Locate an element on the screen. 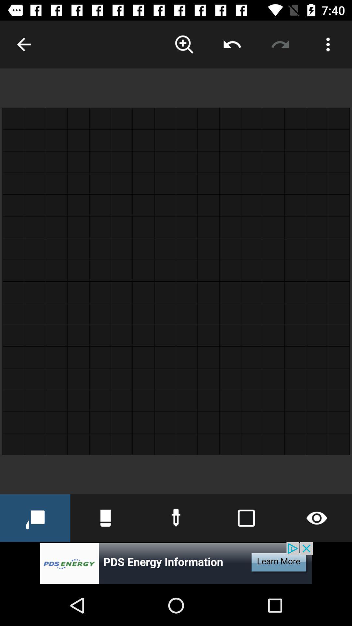 The width and height of the screenshot is (352, 626). click the left rotate option is located at coordinates (232, 44).